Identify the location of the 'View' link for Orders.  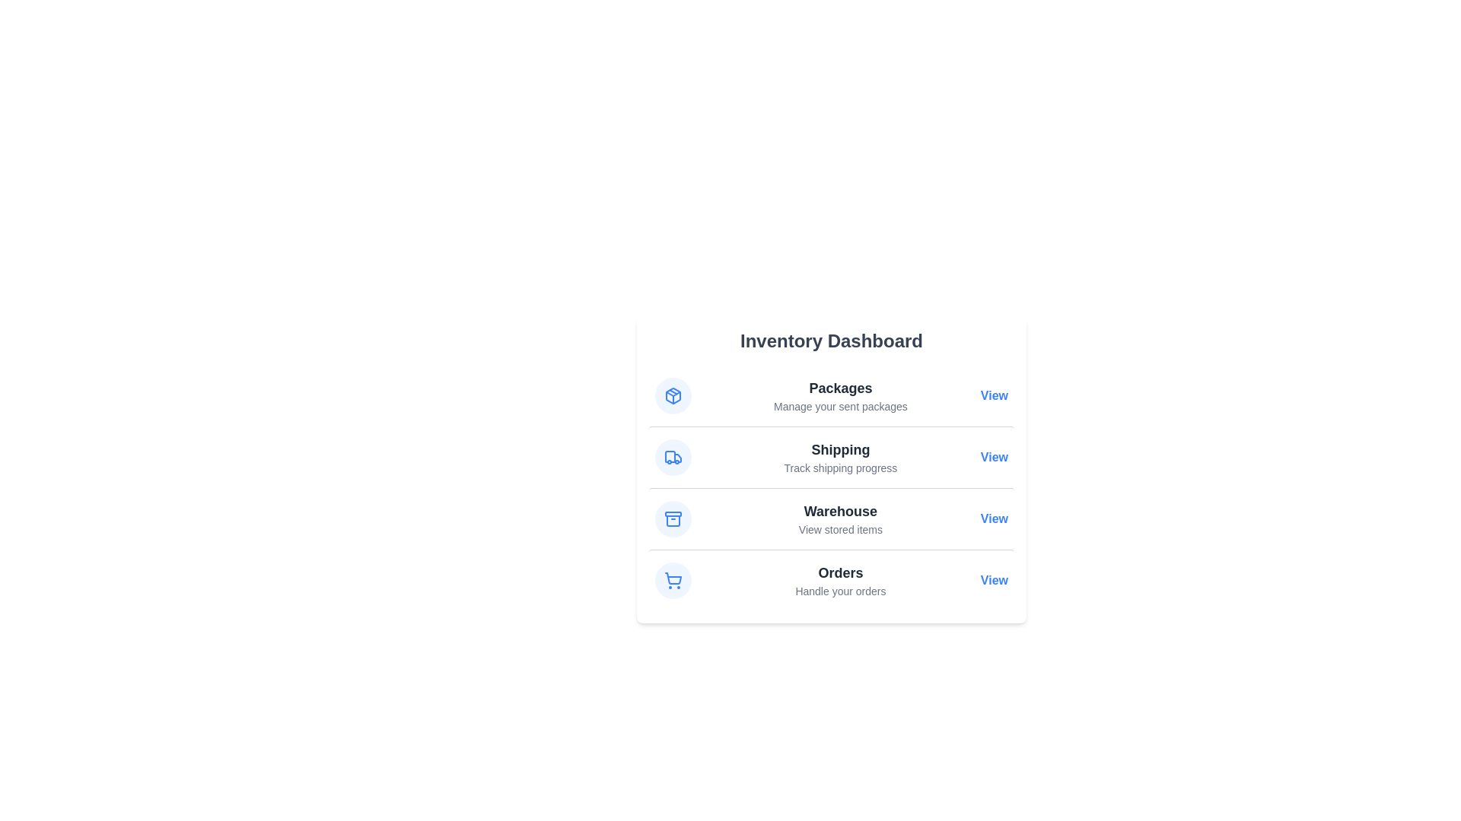
(994, 580).